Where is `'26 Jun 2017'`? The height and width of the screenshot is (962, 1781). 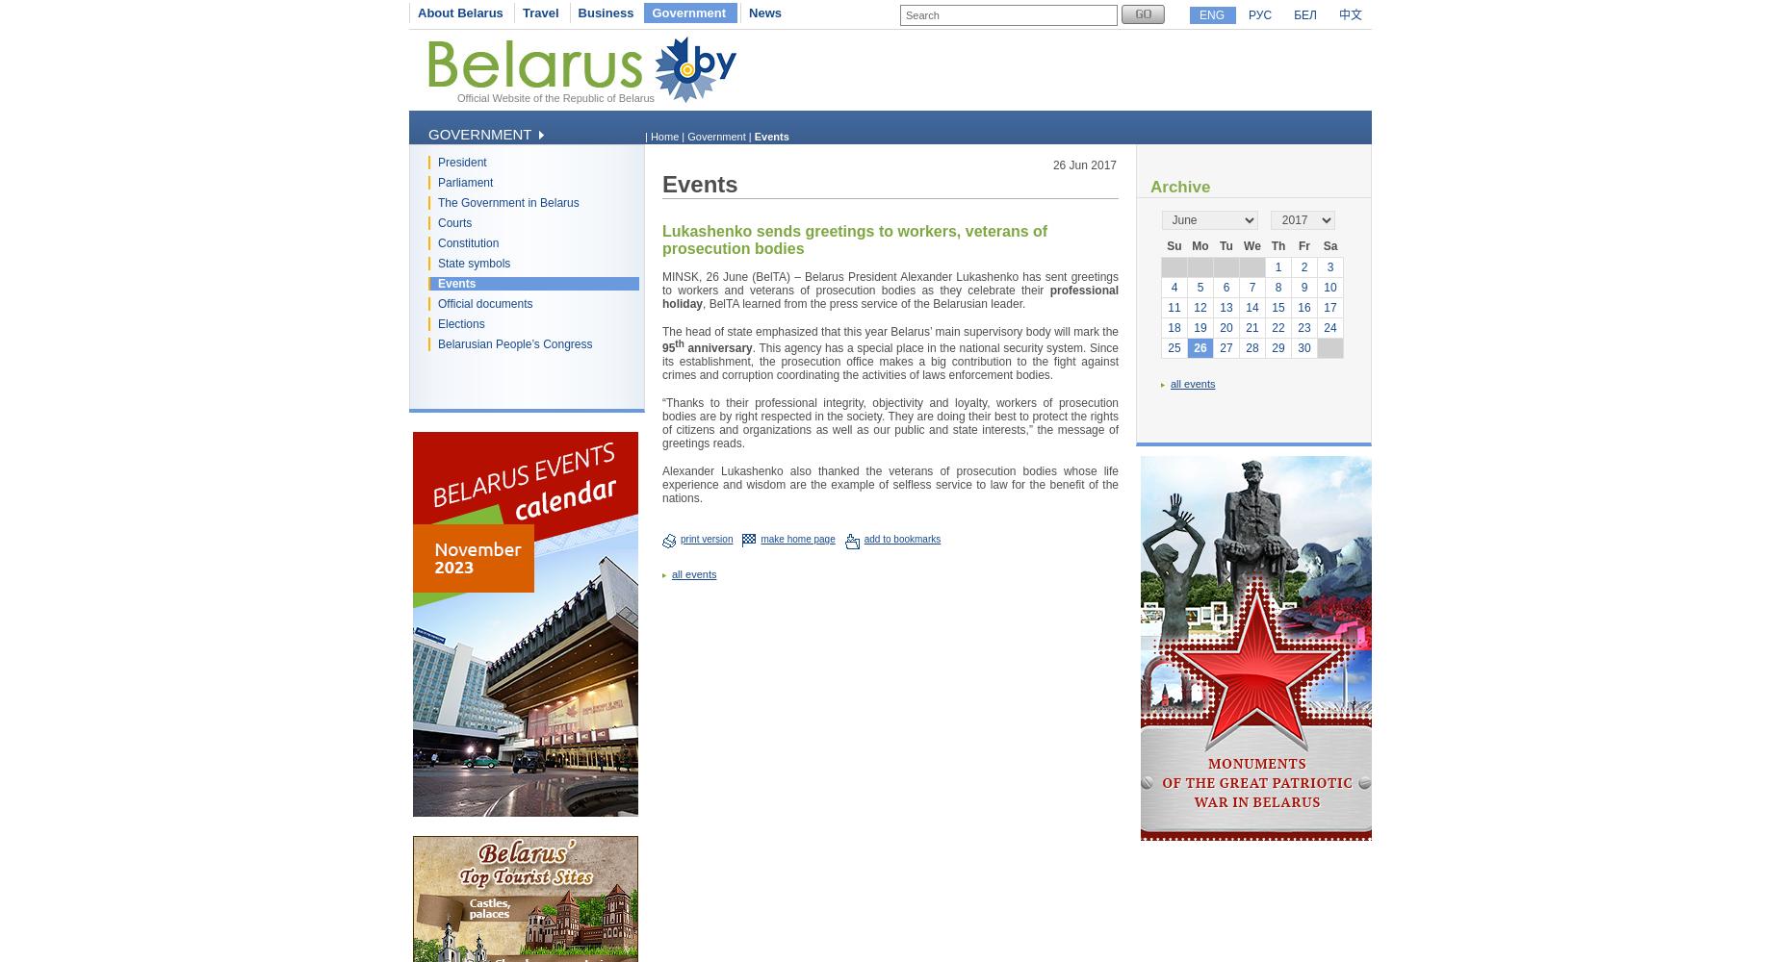 '26 Jun 2017' is located at coordinates (1083, 165).